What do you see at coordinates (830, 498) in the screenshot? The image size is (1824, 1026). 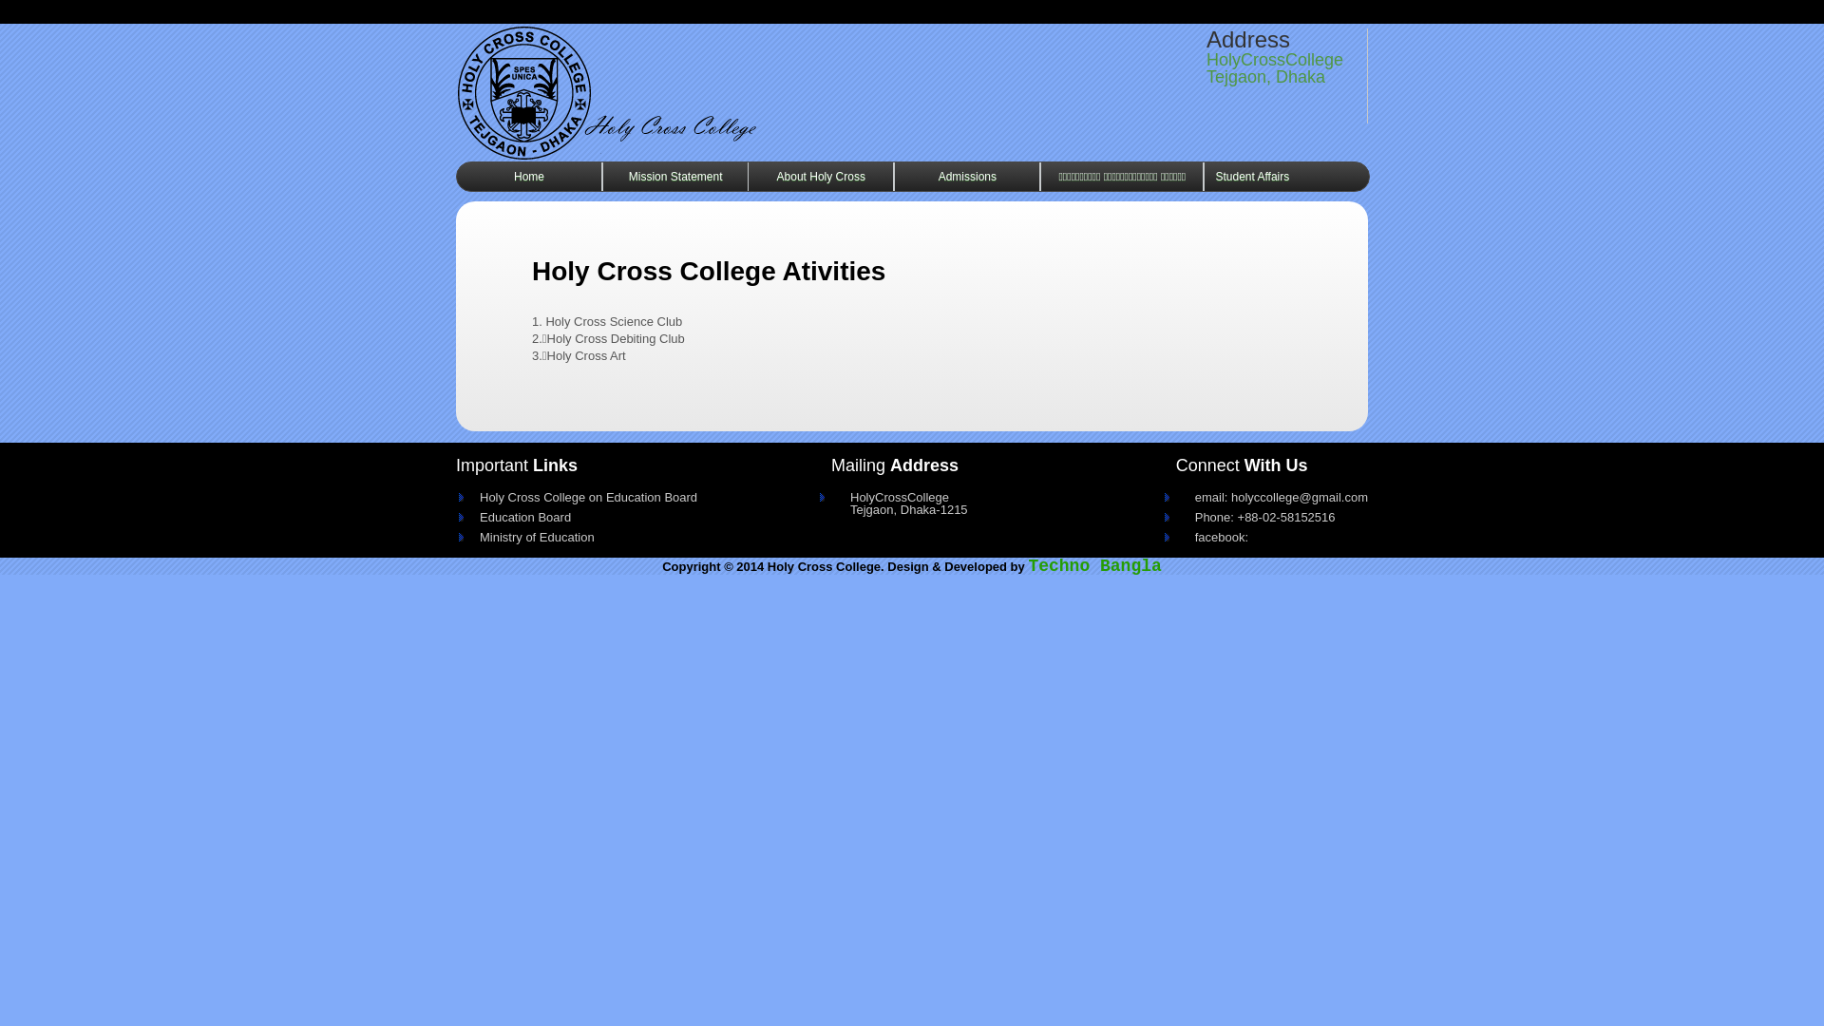 I see `'HolyCrossCollege` at bounding box center [830, 498].